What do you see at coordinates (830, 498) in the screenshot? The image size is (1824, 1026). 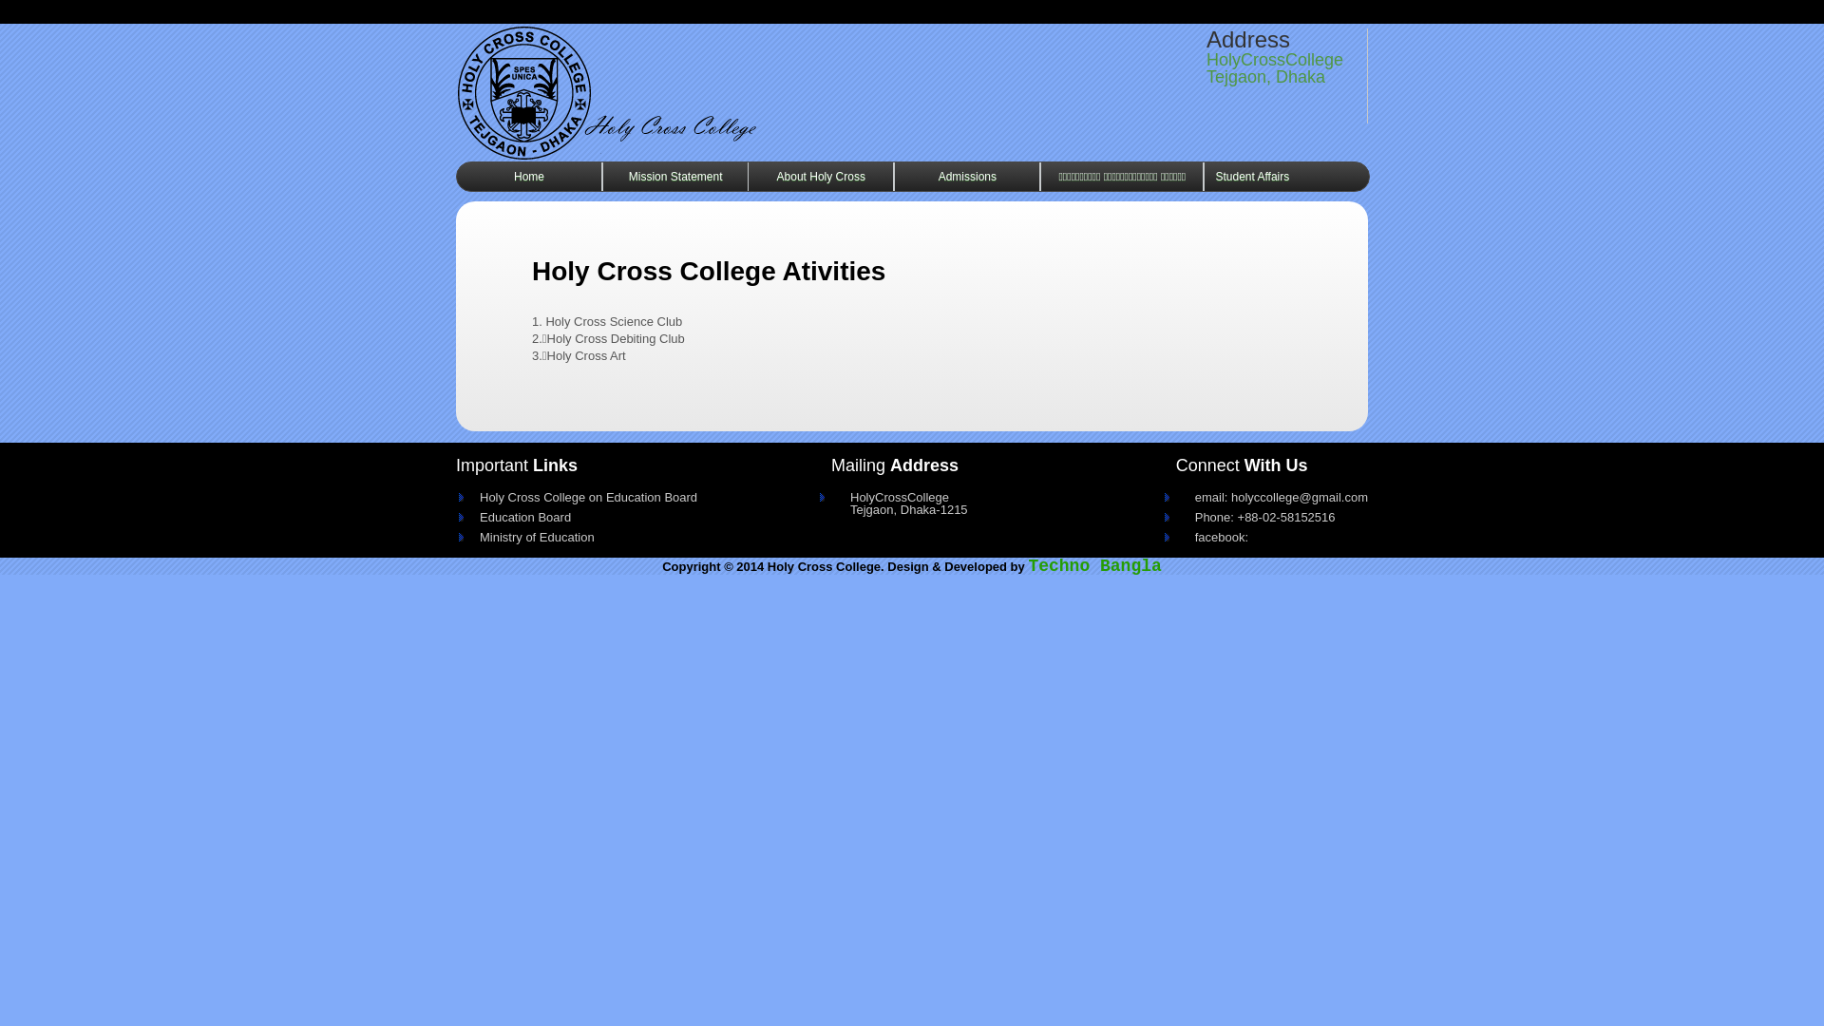 I see `'HolyCrossCollege` at bounding box center [830, 498].